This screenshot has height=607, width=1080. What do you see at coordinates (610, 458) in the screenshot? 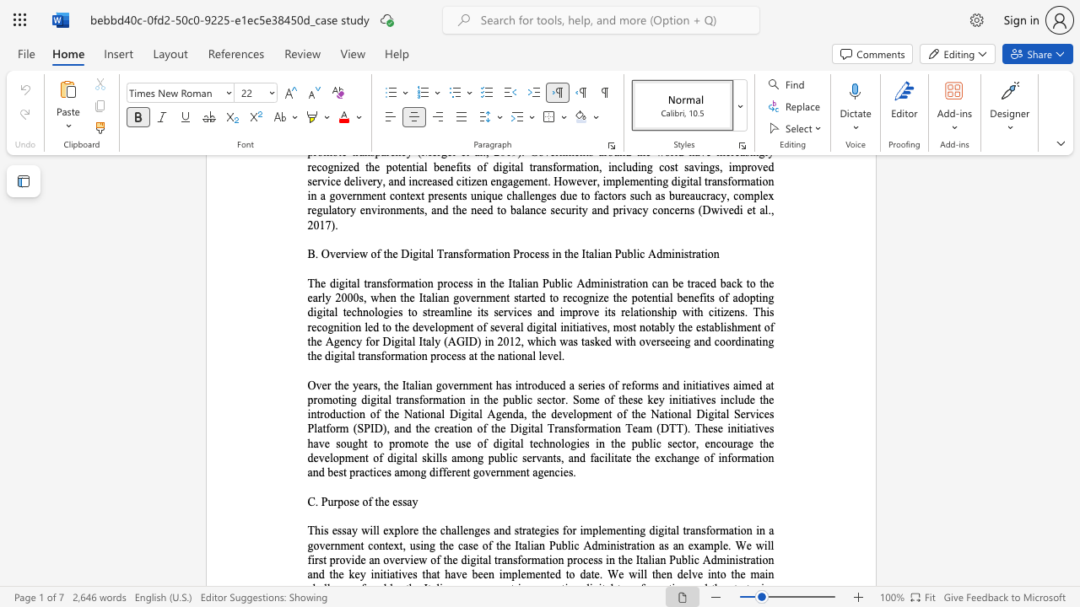
I see `the subset text "it" within the text "facilitate"` at bounding box center [610, 458].